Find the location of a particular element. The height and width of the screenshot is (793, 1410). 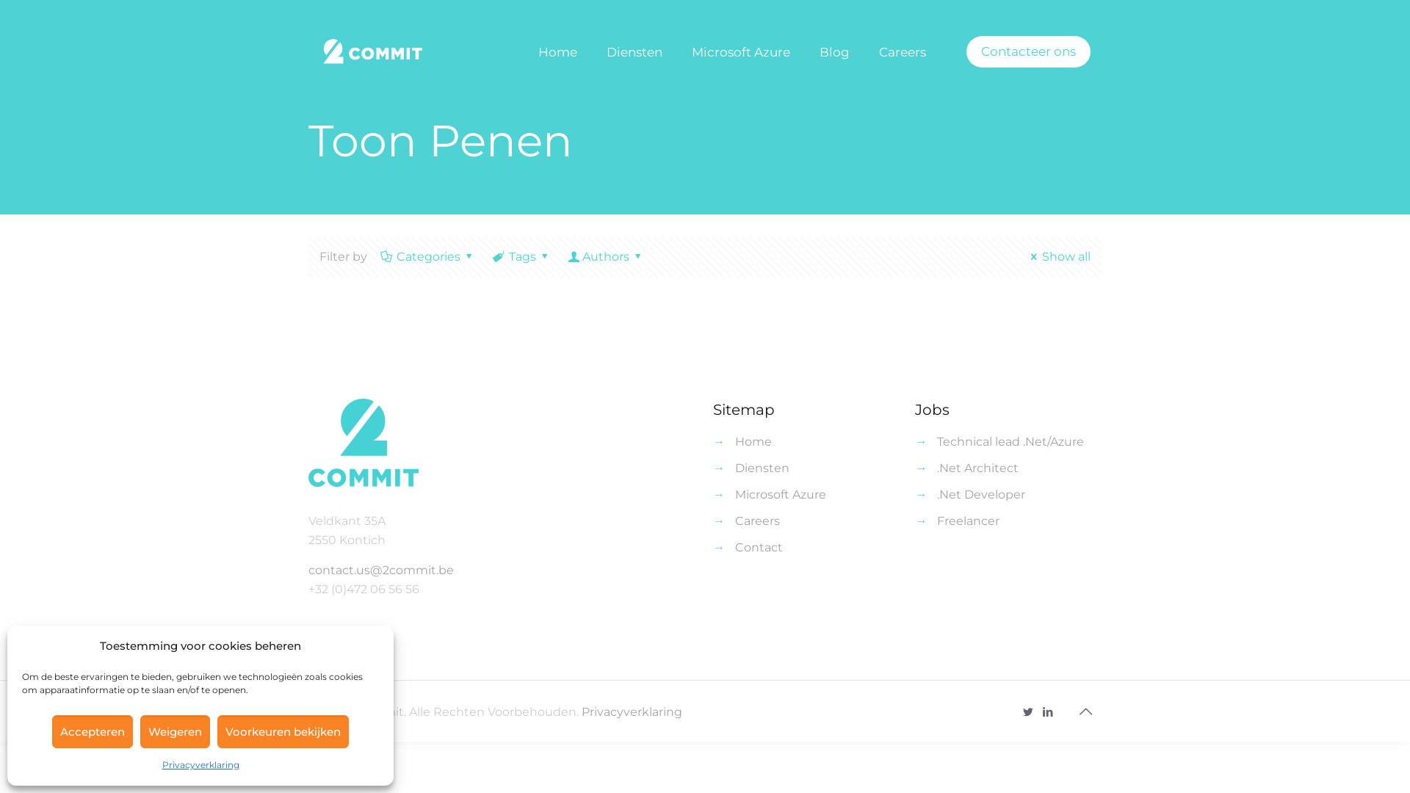

'Diensten' is located at coordinates (592, 51).